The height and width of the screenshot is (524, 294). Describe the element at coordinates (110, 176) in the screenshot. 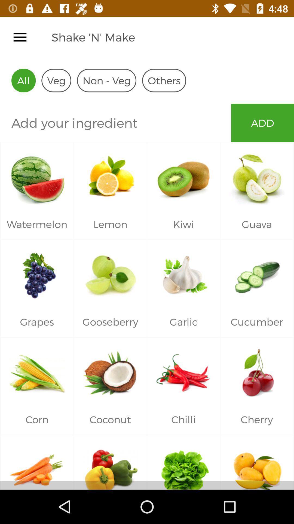

I see `the image above the lemon` at that location.